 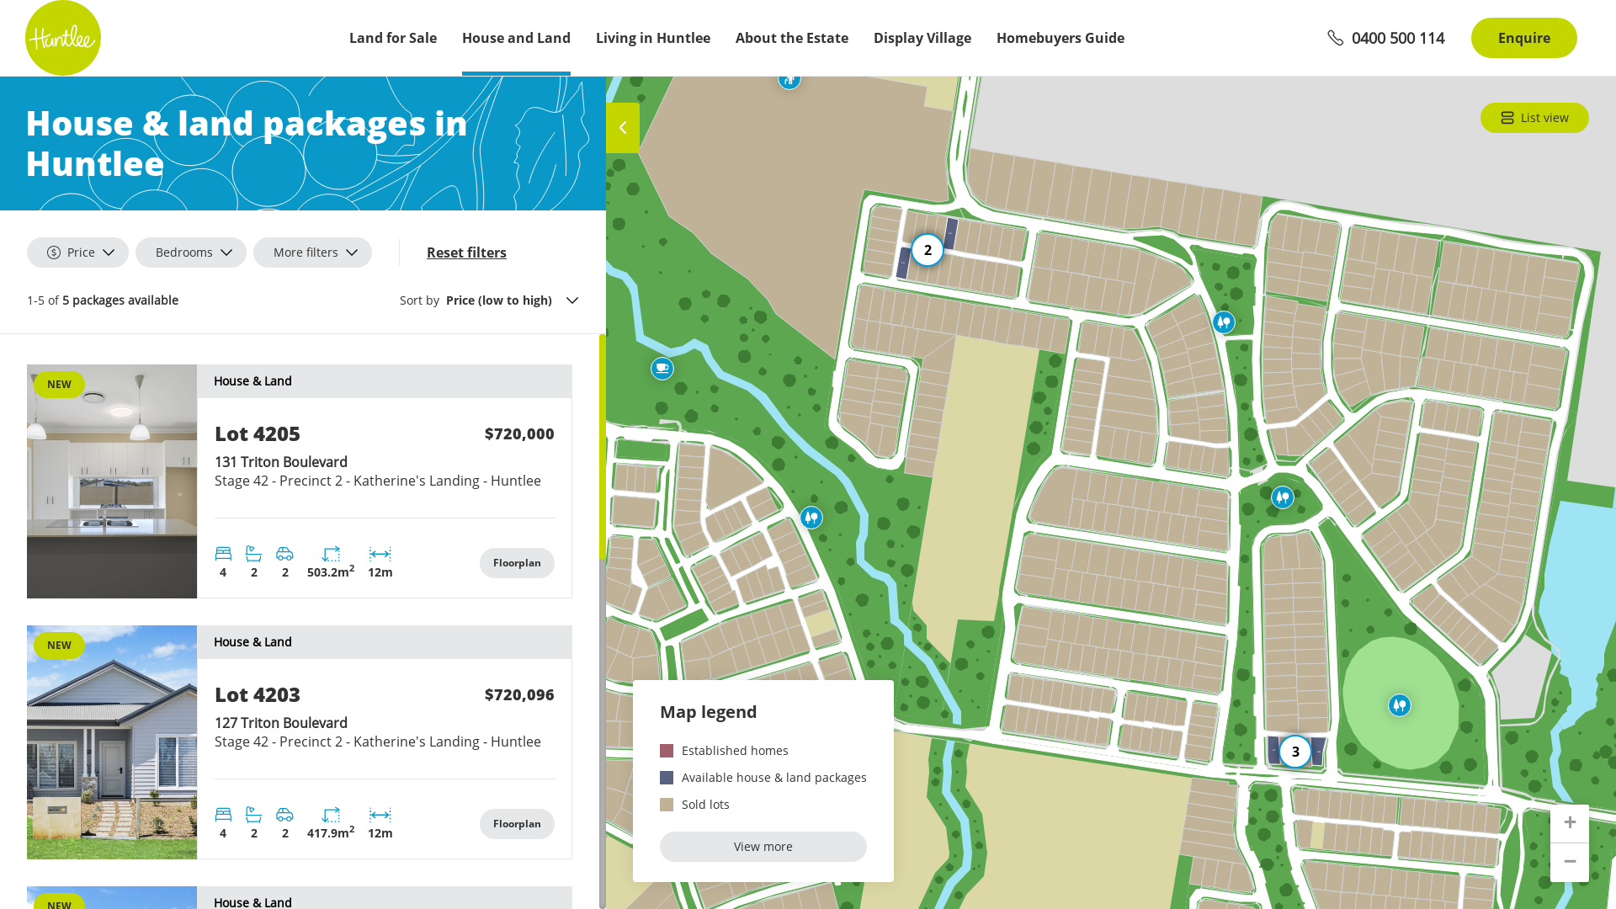 I want to click on '0400 500 114', so click(x=1385, y=38).